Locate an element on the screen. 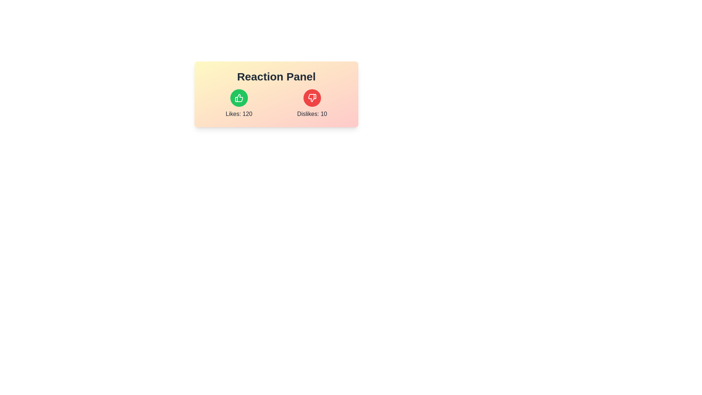 This screenshot has width=702, height=395. the thumbs-down icon representing the dislike functionality located in the Reaction Panel, below the number '10' is located at coordinates (312, 97).